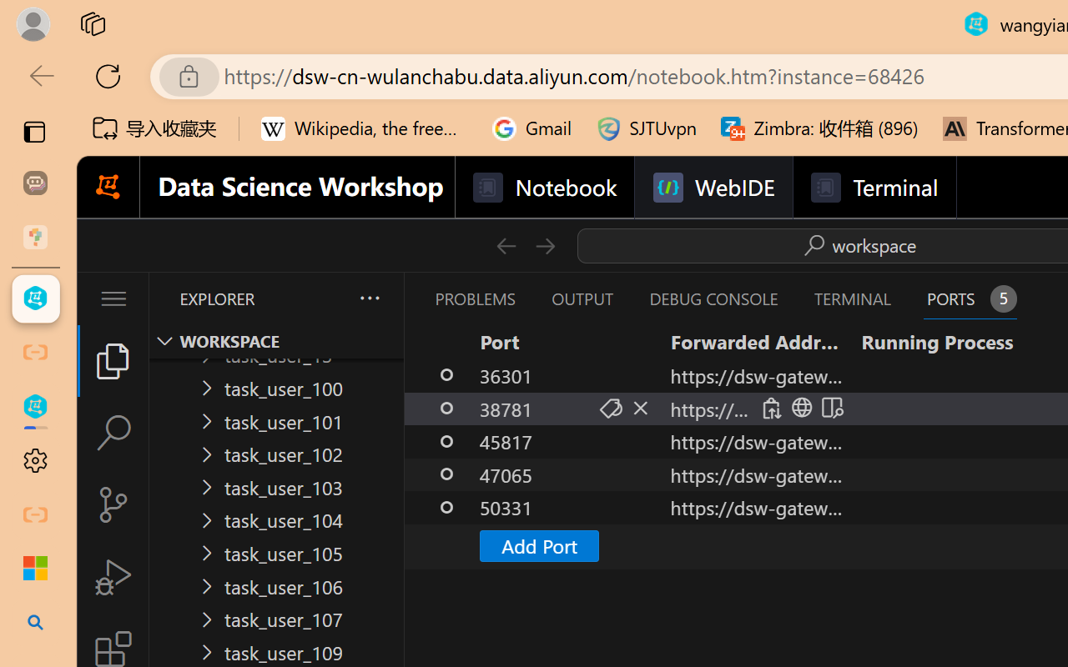  I want to click on 'Views and More Actions...', so click(368, 298).